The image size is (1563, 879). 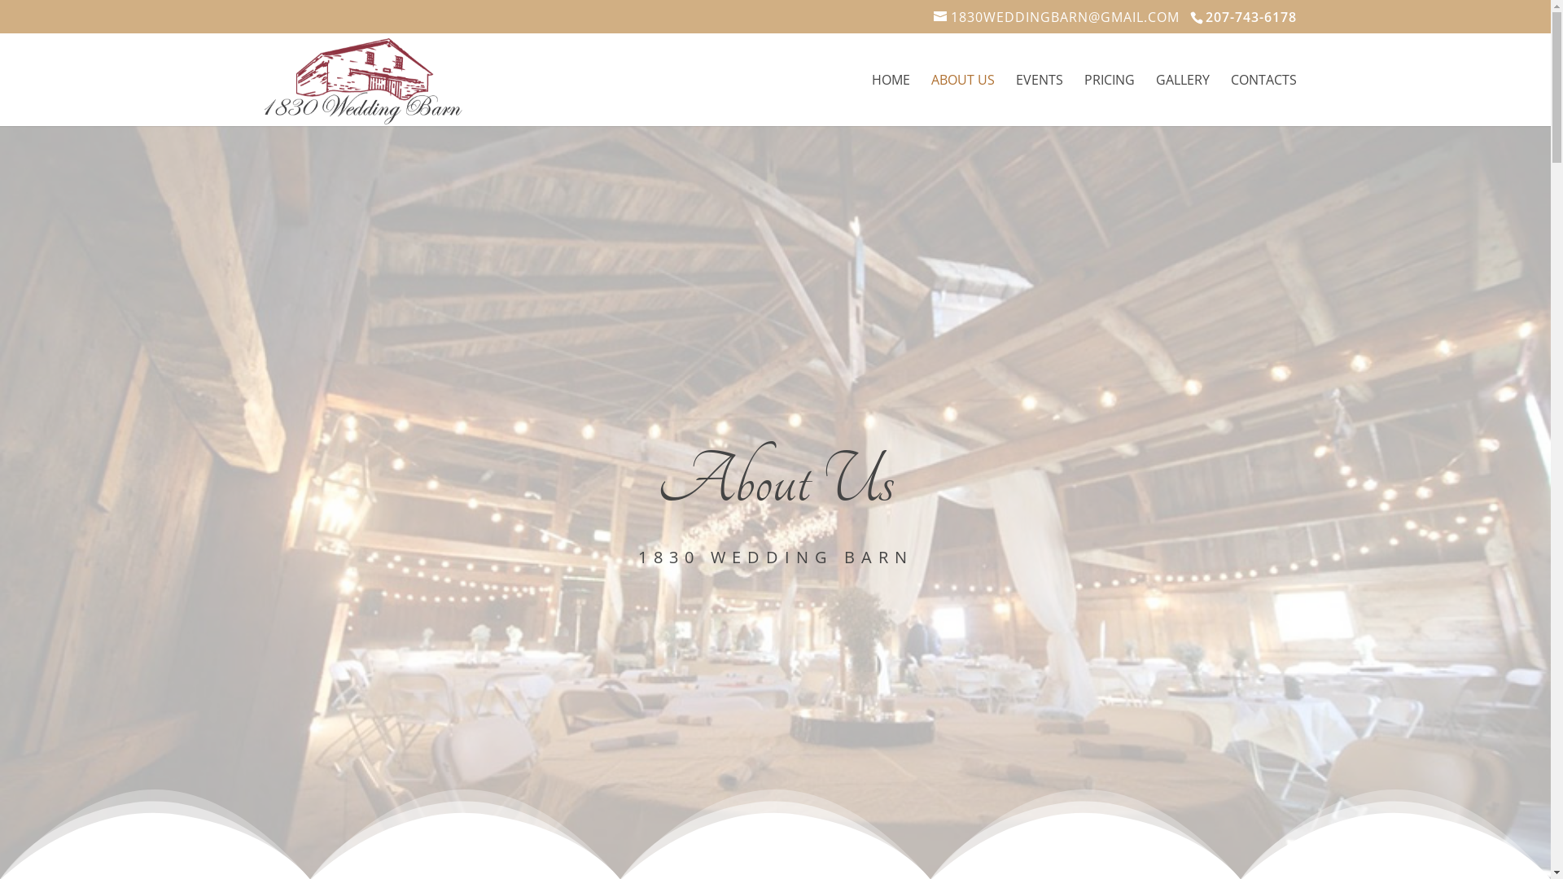 I want to click on 'GALLERY', so click(x=1155, y=100).